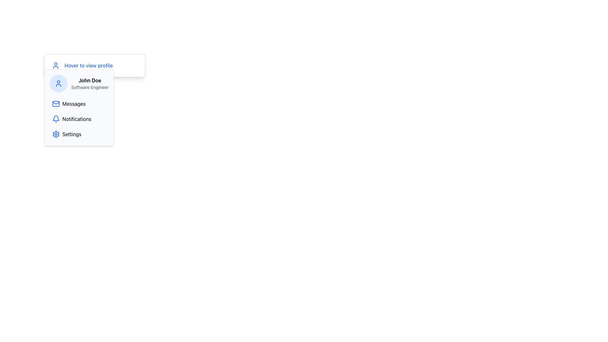  Describe the element at coordinates (56, 66) in the screenshot. I see `the leftmost icon that represents user profile actions, which is located near the top-left corner of the interface` at that location.